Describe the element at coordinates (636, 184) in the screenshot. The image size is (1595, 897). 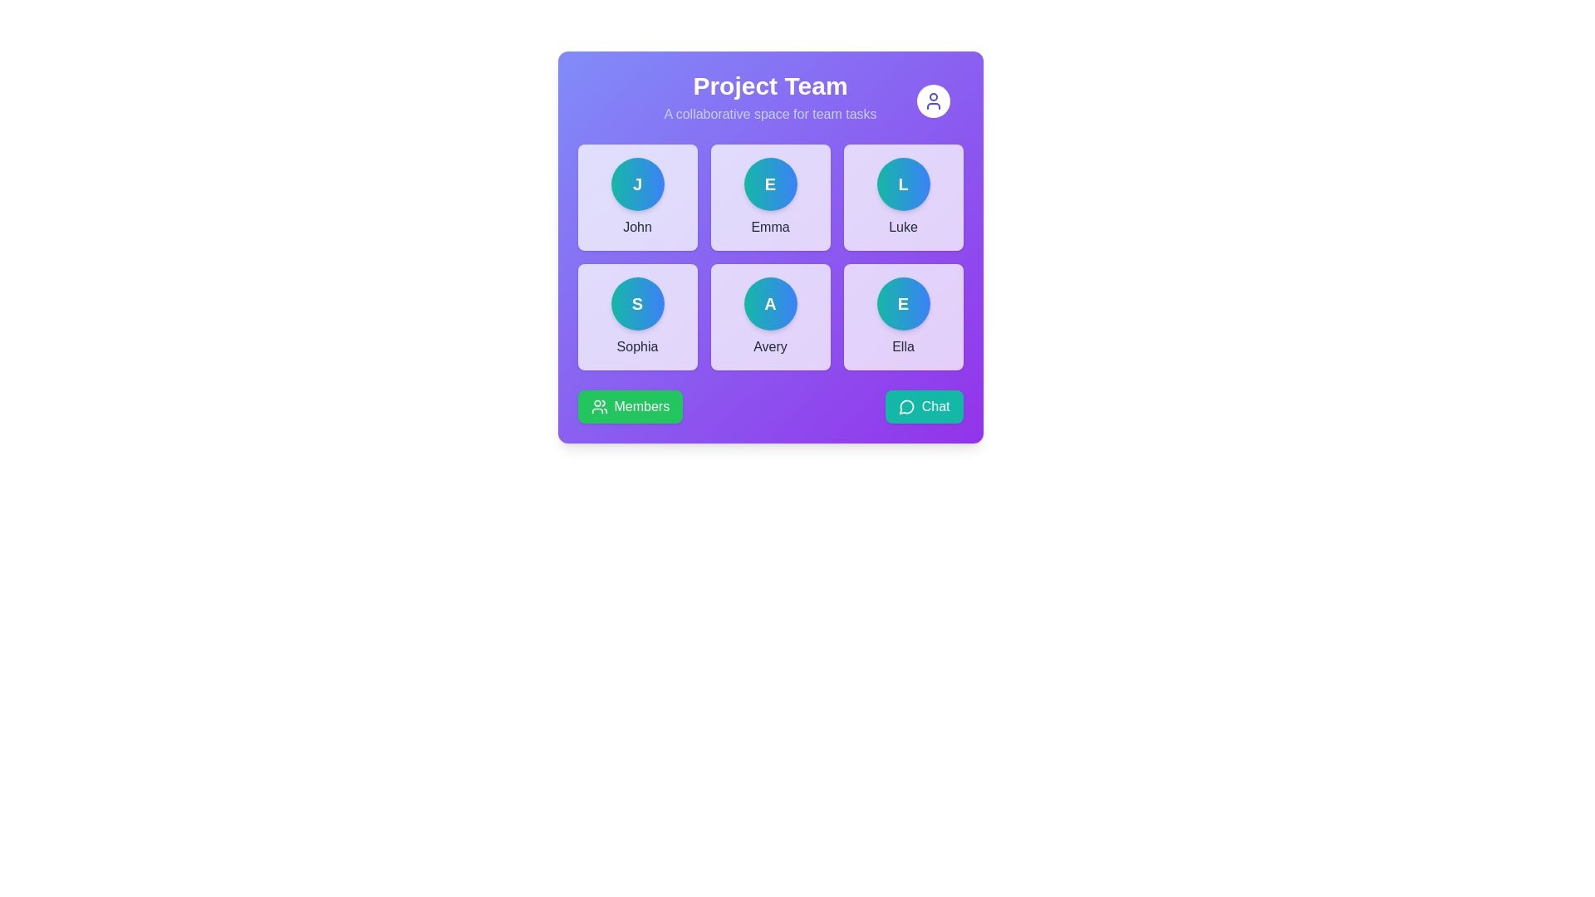
I see `the circular badge Avatar featuring a bold white 'J' centered within a gradient background transitioning from teal to blue, located in the upper-central section of the 'John' card` at that location.